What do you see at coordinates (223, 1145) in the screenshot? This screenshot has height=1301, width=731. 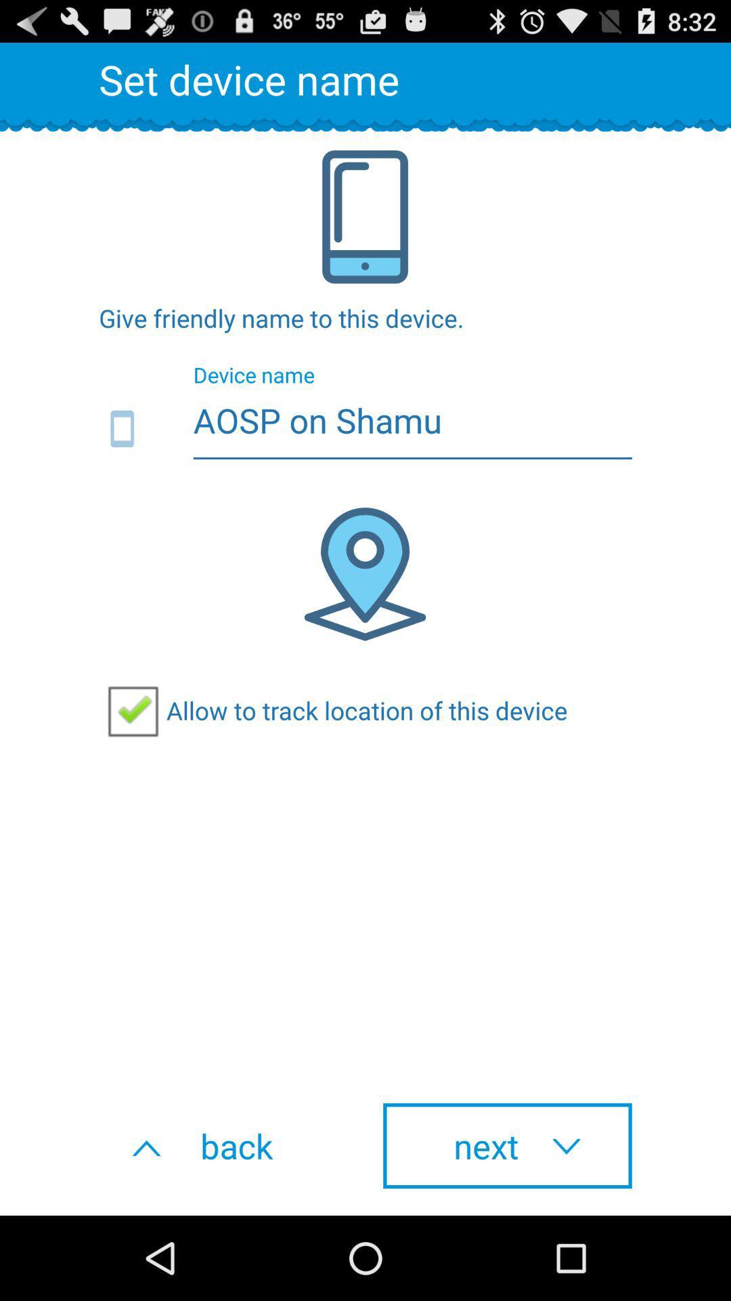 I see `the icon below the allow to track icon` at bounding box center [223, 1145].